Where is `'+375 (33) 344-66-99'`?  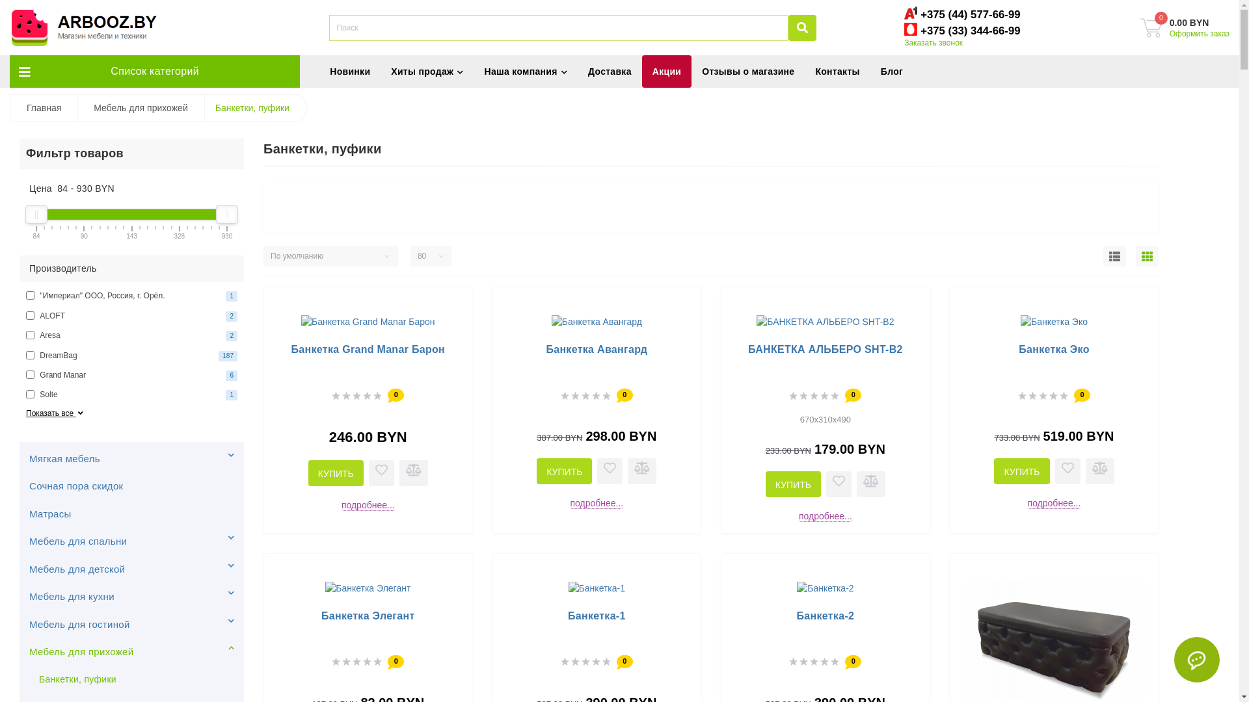 '+375 (33) 344-66-99' is located at coordinates (970, 30).